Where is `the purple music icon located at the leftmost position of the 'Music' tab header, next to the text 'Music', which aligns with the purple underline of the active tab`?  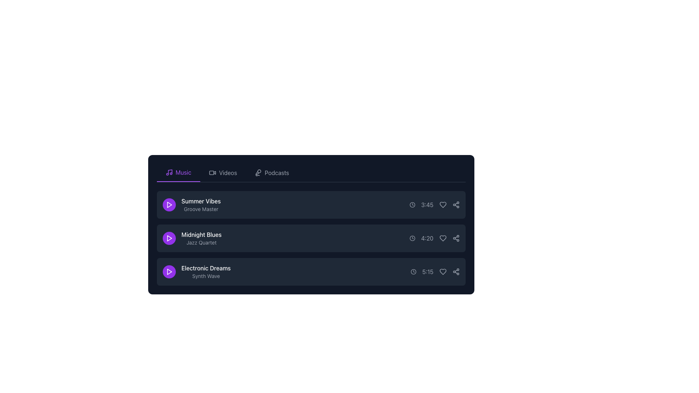
the purple music icon located at the leftmost position of the 'Music' tab header, next to the text 'Music', which aligns with the purple underline of the active tab is located at coordinates (169, 172).